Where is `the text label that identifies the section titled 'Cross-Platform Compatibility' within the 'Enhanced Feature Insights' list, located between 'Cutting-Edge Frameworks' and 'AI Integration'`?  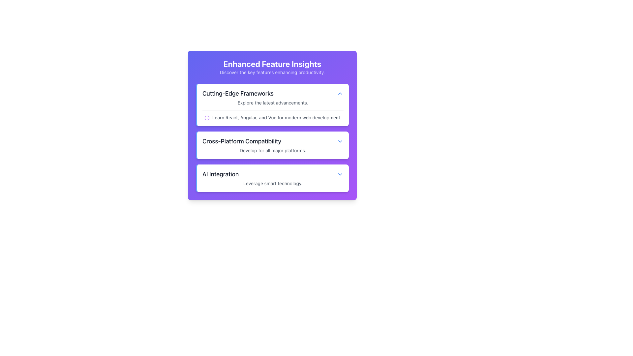
the text label that identifies the section titled 'Cross-Platform Compatibility' within the 'Enhanced Feature Insights' list, located between 'Cutting-Edge Frameworks' and 'AI Integration' is located at coordinates (241, 141).